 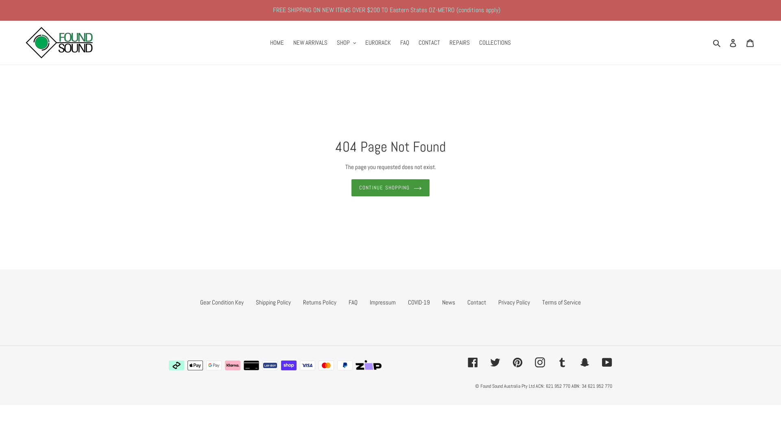 I want to click on 'Cart', so click(x=742, y=43).